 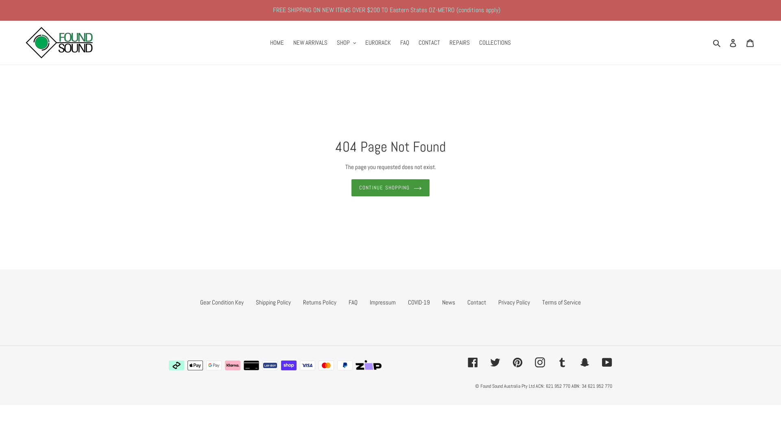 I want to click on 'Cart', so click(x=742, y=43).